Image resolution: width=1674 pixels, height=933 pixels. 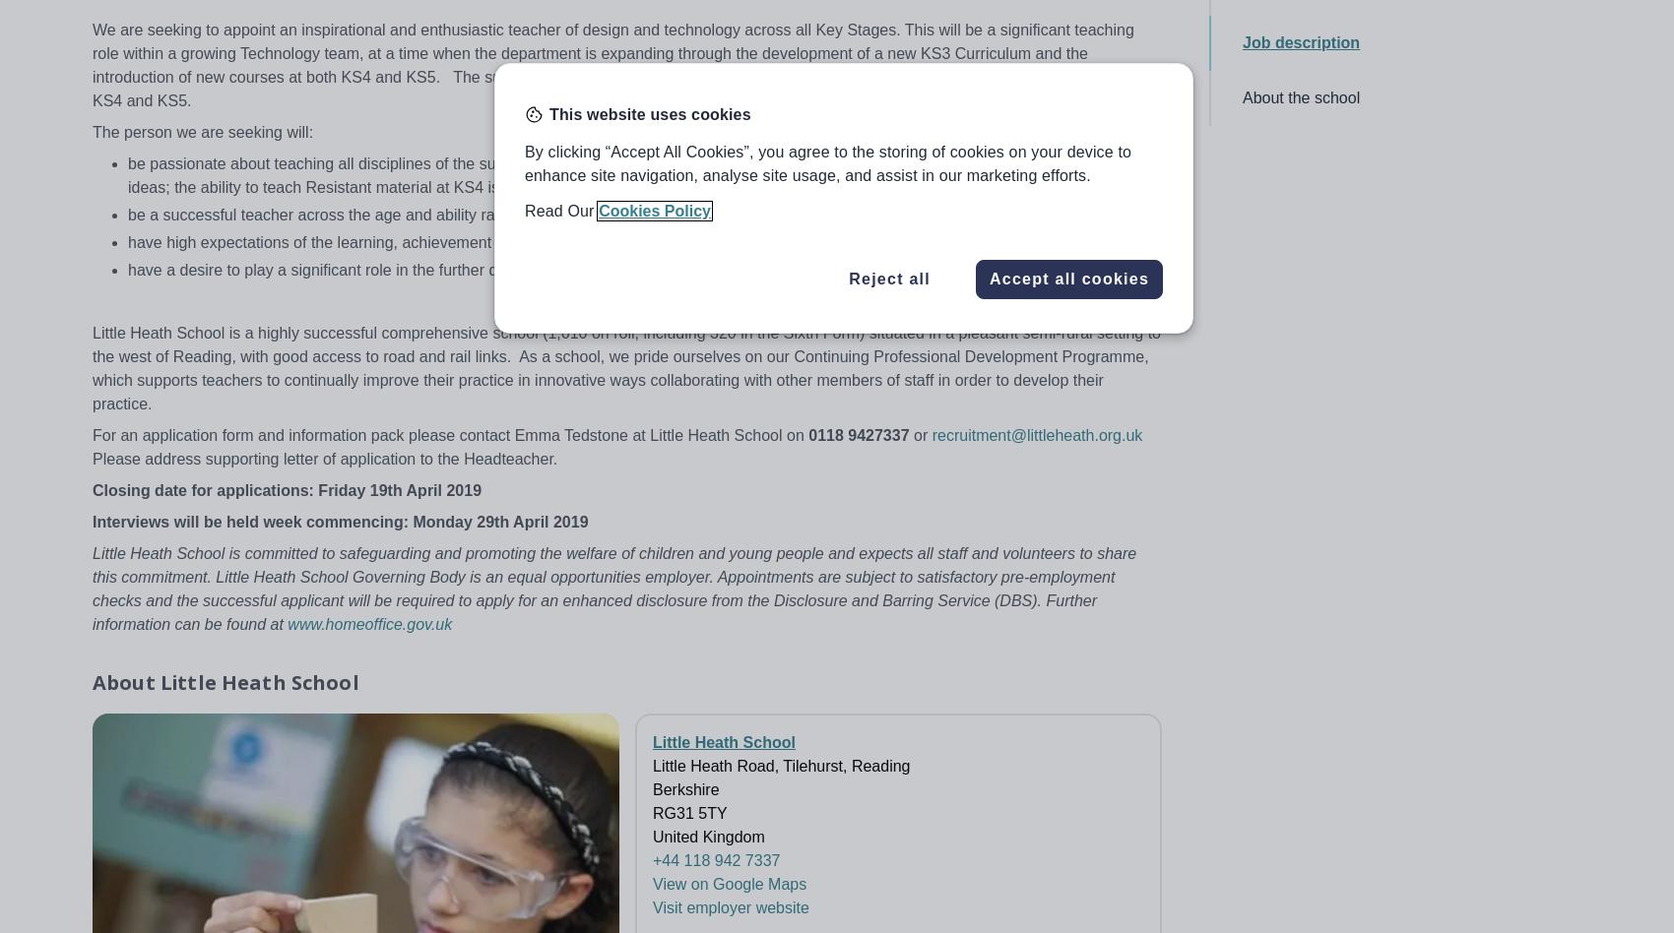 What do you see at coordinates (307, 729) in the screenshot?
I see `'Location guides'` at bounding box center [307, 729].